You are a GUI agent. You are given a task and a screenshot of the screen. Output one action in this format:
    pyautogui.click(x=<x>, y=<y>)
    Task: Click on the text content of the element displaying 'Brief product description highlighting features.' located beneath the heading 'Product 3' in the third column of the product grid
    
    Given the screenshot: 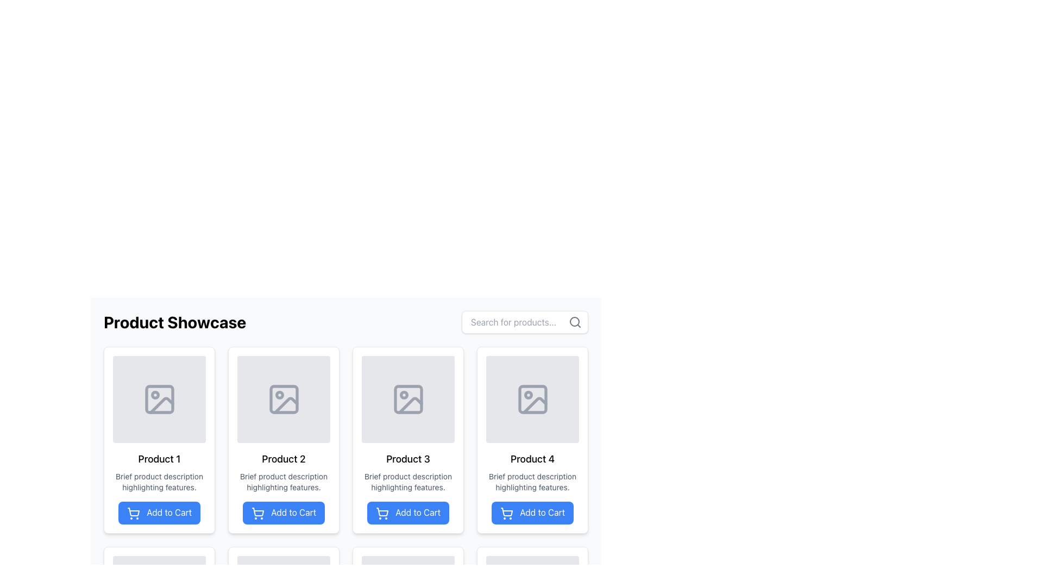 What is the action you would take?
    pyautogui.click(x=407, y=482)
    